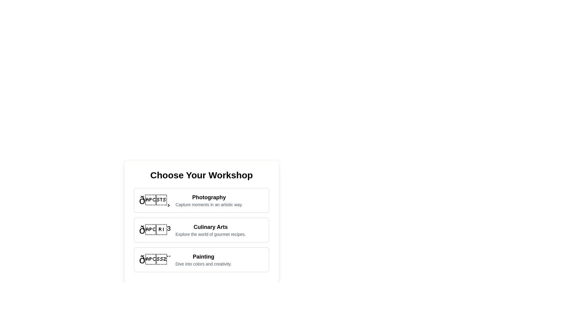 The height and width of the screenshot is (327, 582). I want to click on the informational text block describing the 'Painting' workshop, which is the third item in a vertical list of workshops, so click(203, 259).